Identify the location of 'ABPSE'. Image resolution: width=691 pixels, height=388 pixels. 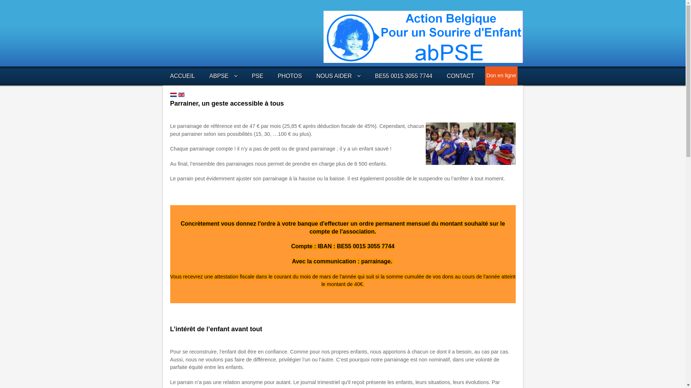
(209, 76).